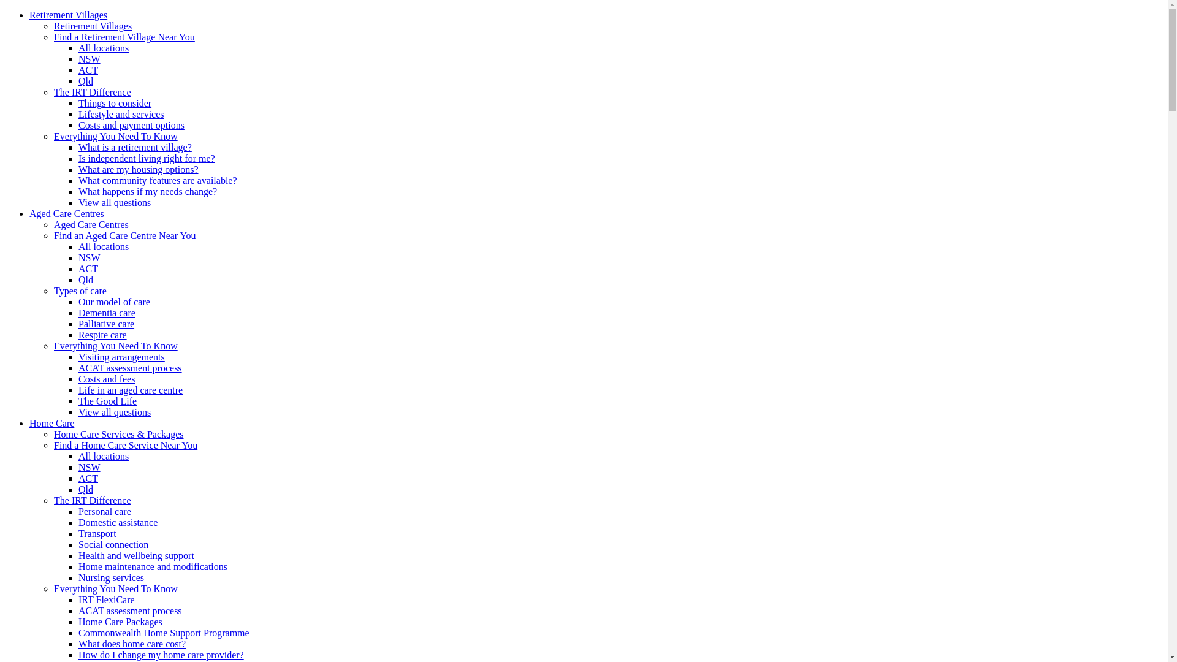 This screenshot has height=662, width=1177. I want to click on 'Qld', so click(85, 81).